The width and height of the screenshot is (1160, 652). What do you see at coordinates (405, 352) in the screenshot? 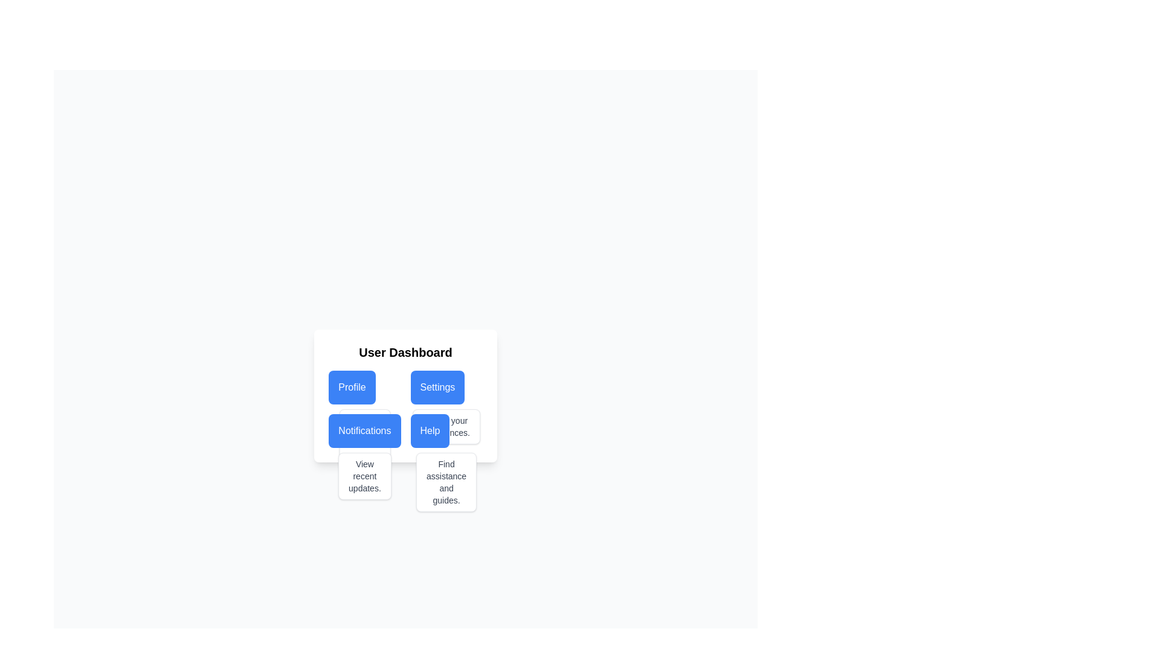
I see `the 'User Dashboard' header text, which is a prominent, bold font element located at the top-center of the panel preceding the grid section with interactive buttons` at bounding box center [405, 352].